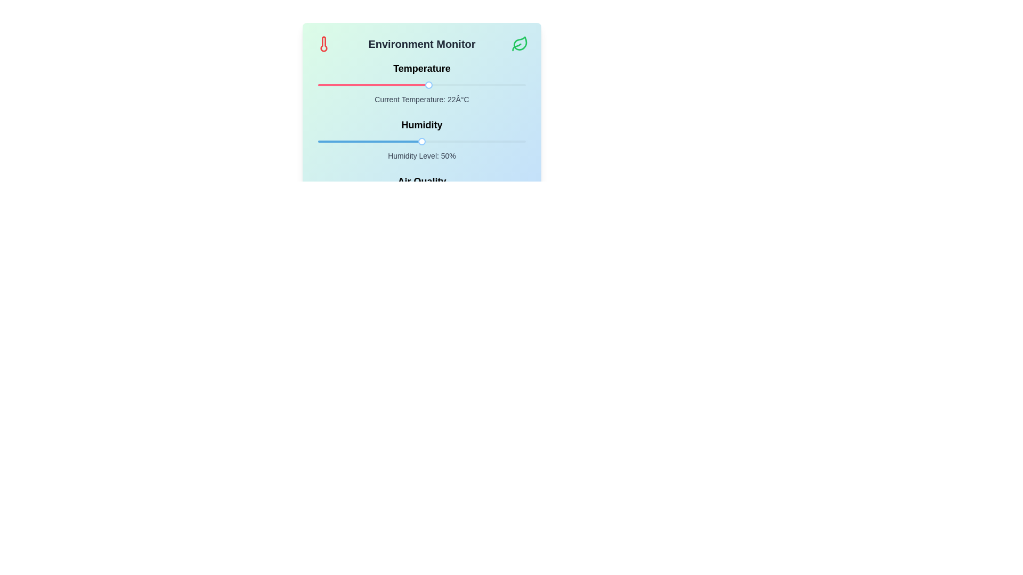  Describe the element at coordinates (442, 141) in the screenshot. I see `slider value` at that location.